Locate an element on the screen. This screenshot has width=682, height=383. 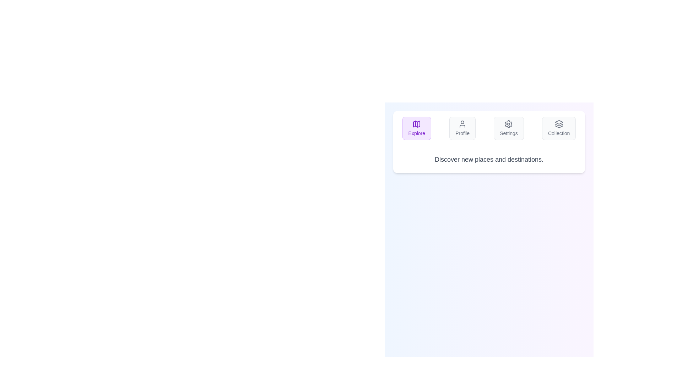
the 'Profile' button in the navigation bar is located at coordinates (462, 128).